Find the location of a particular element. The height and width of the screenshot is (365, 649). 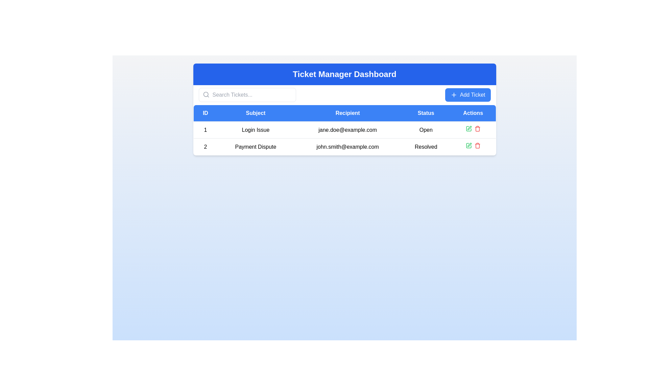

the text label displaying the recipient's email address for the ticket with the subject 'Payment Dispute' in the 'Recipient' column of the 'Ticket Manager Dashboard' is located at coordinates (347, 146).